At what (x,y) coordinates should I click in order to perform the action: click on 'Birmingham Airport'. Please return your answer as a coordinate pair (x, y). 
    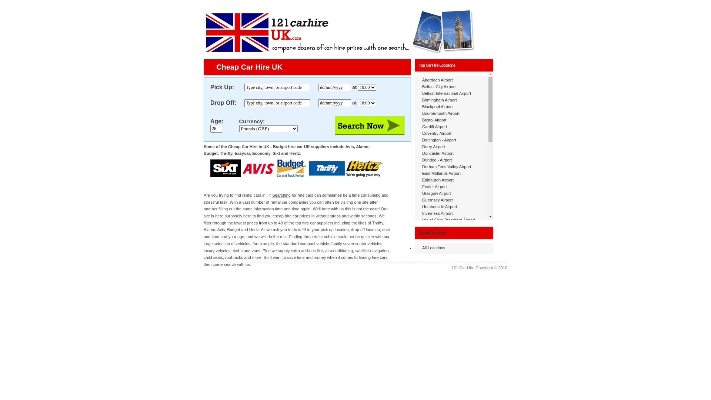
    Looking at the image, I should click on (439, 100).